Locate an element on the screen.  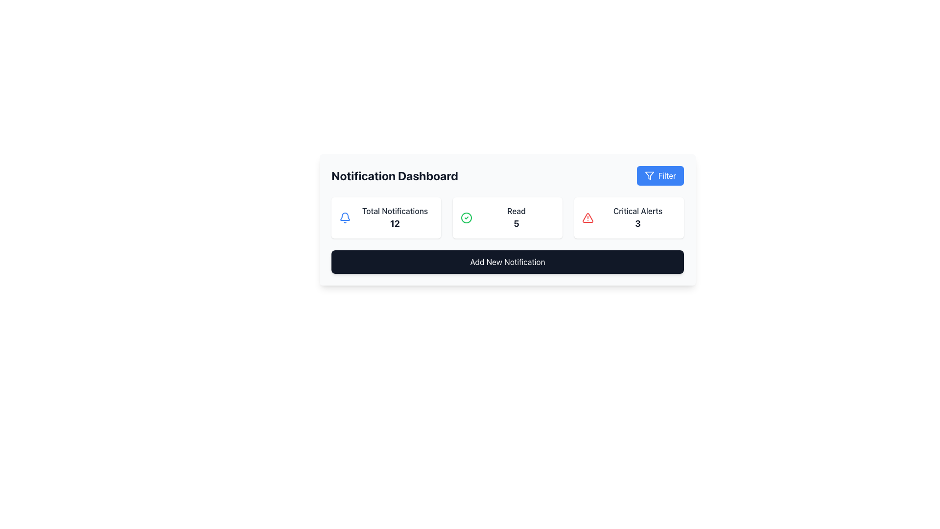
the Label/Statistic Display that shows the count of read notifications, positioned beneath the title 'Read' in the second card of the notification summary section is located at coordinates (516, 223).